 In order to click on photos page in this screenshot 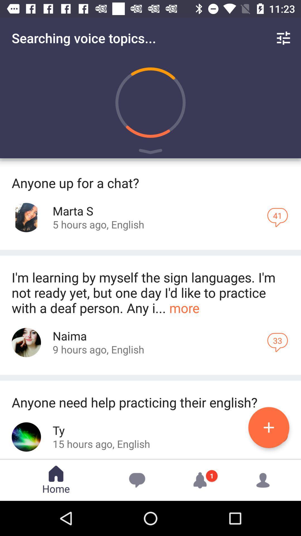, I will do `click(26, 342)`.